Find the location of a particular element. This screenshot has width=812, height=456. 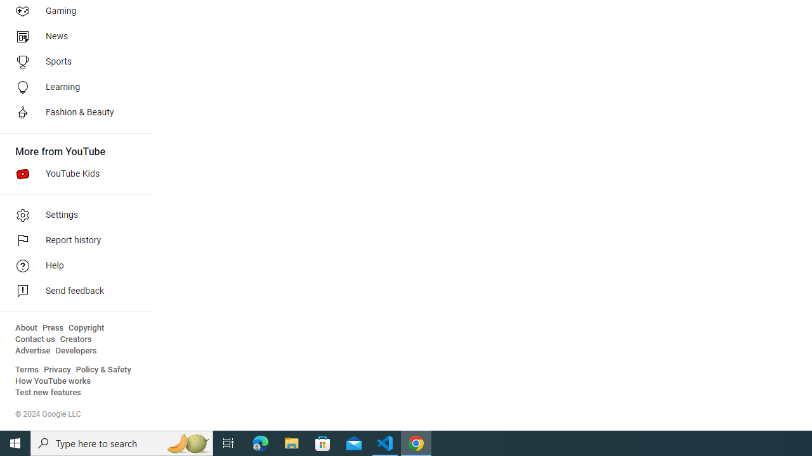

'Contact us' is located at coordinates (35, 339).